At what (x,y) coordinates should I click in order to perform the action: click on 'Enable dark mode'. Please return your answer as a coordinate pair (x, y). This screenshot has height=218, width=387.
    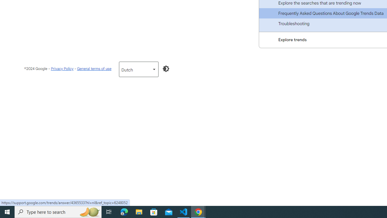
    Looking at the image, I should click on (166, 68).